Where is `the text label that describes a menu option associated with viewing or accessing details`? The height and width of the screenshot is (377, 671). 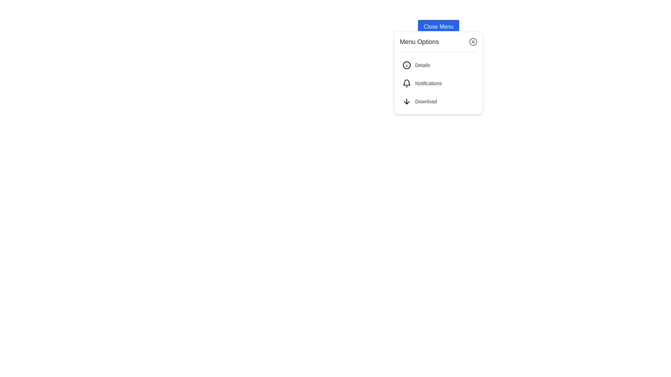 the text label that describes a menu option associated with viewing or accessing details is located at coordinates (422, 65).